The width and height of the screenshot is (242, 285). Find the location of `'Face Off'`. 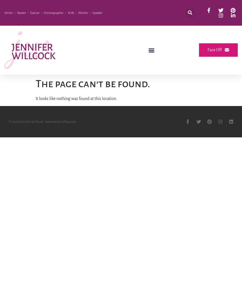

'Face Off' is located at coordinates (215, 50).